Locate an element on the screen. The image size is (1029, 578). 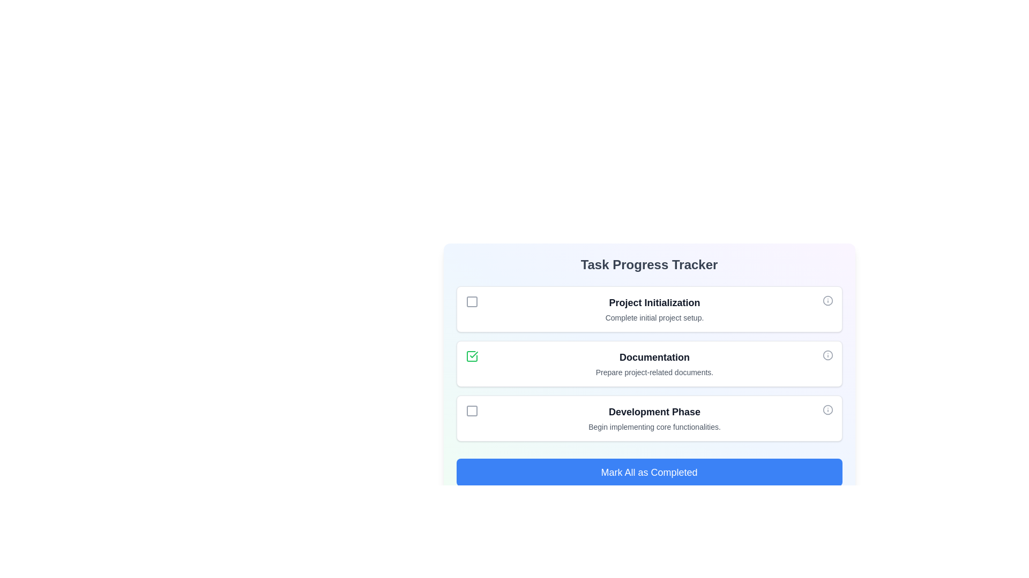
task name and description from the second subsection of the task progress tracker, which includes a checkbox for marking completion, located between 'Project Initialization' and 'Development Phase' is located at coordinates (648, 363).